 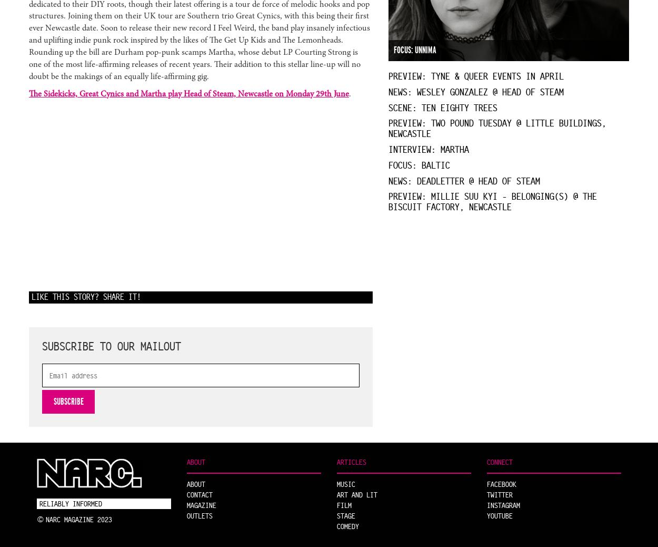 I want to click on 'Comedy', so click(x=337, y=526).